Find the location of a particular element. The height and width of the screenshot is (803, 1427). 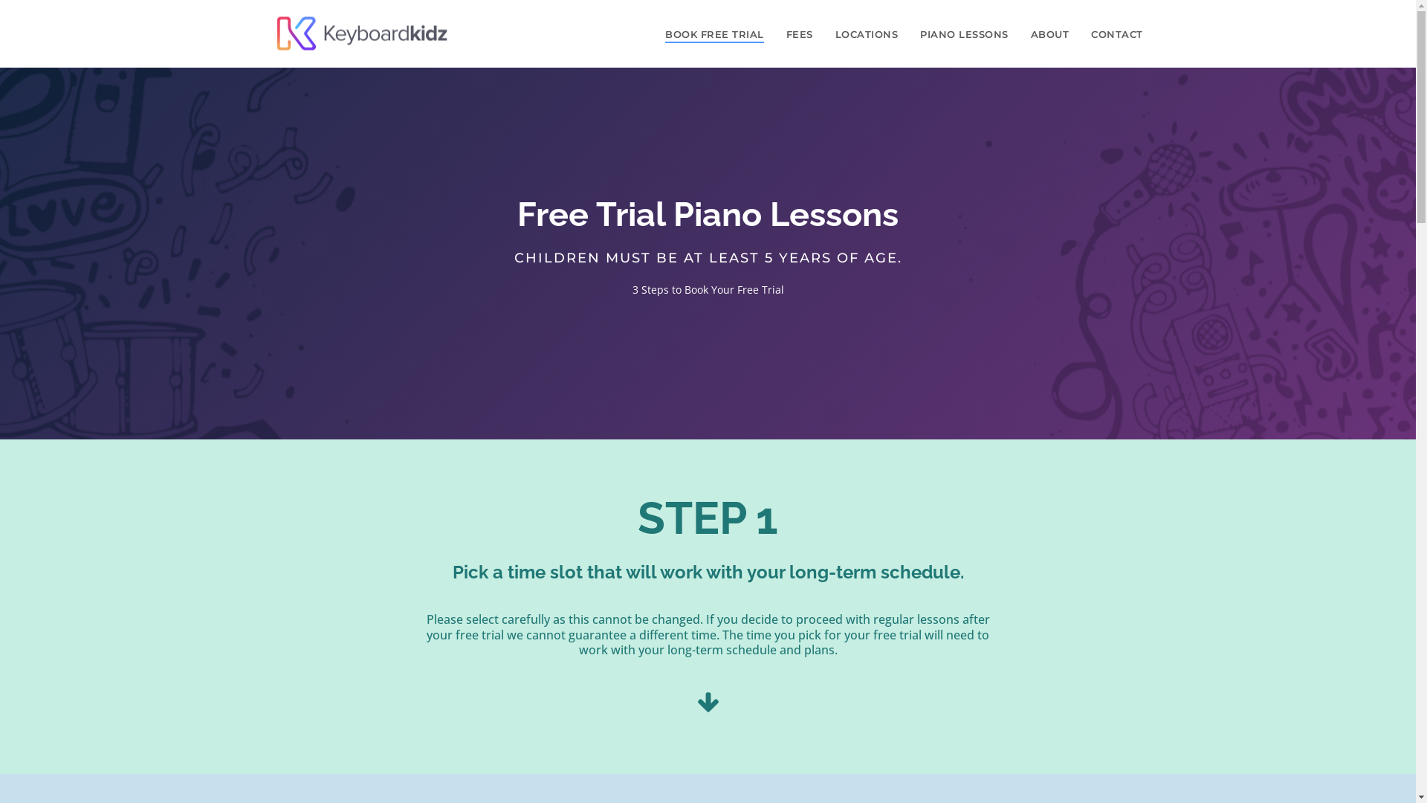

'PIANO LESSONS' is located at coordinates (964, 33).